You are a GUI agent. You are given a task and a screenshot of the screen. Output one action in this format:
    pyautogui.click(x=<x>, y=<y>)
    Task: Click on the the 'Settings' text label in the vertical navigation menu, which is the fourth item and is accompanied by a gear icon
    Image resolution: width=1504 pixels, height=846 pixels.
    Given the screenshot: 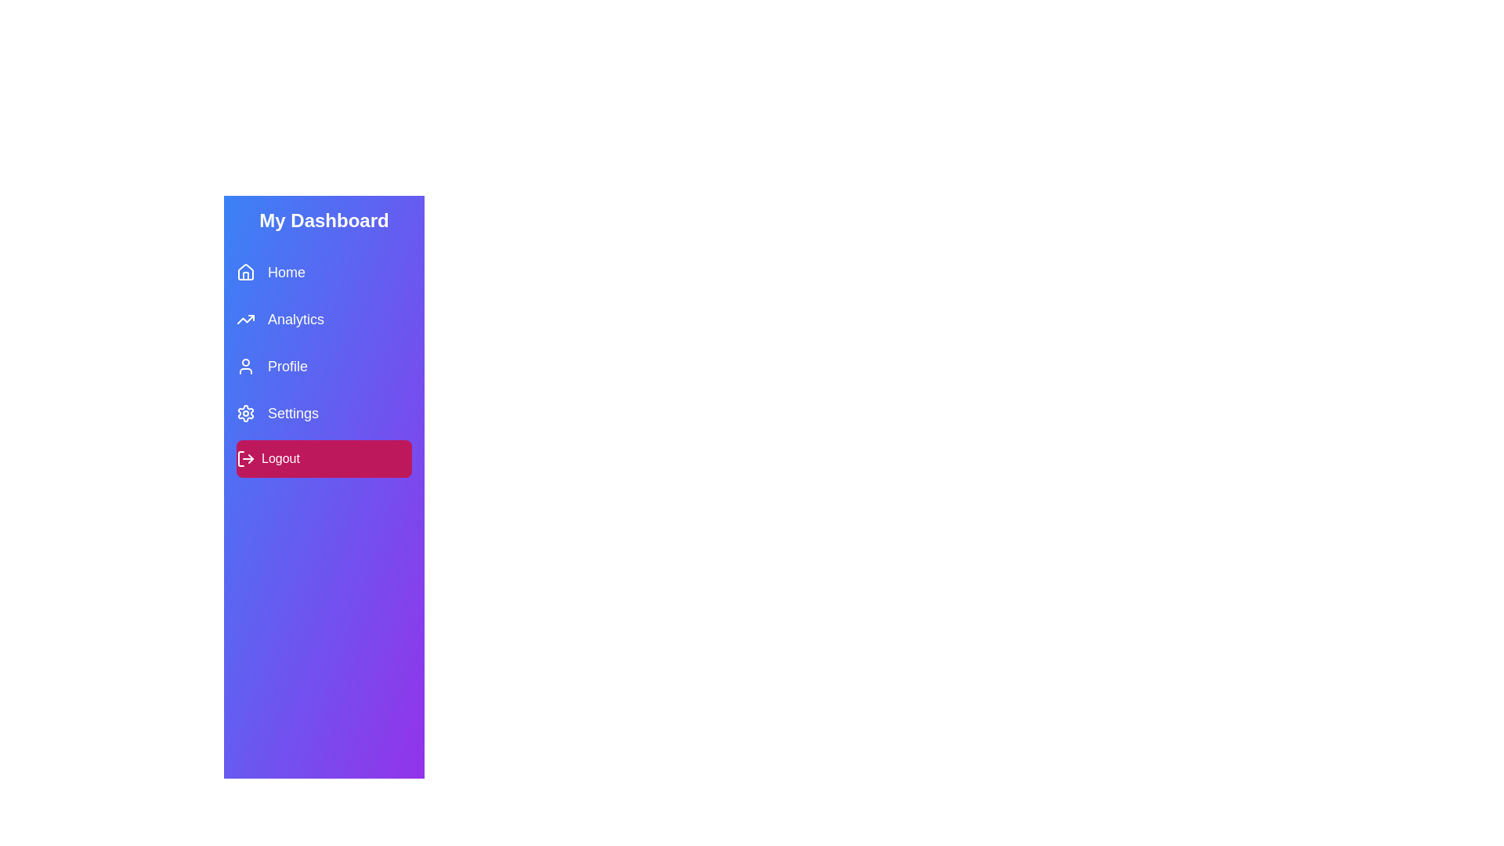 What is the action you would take?
    pyautogui.click(x=293, y=413)
    